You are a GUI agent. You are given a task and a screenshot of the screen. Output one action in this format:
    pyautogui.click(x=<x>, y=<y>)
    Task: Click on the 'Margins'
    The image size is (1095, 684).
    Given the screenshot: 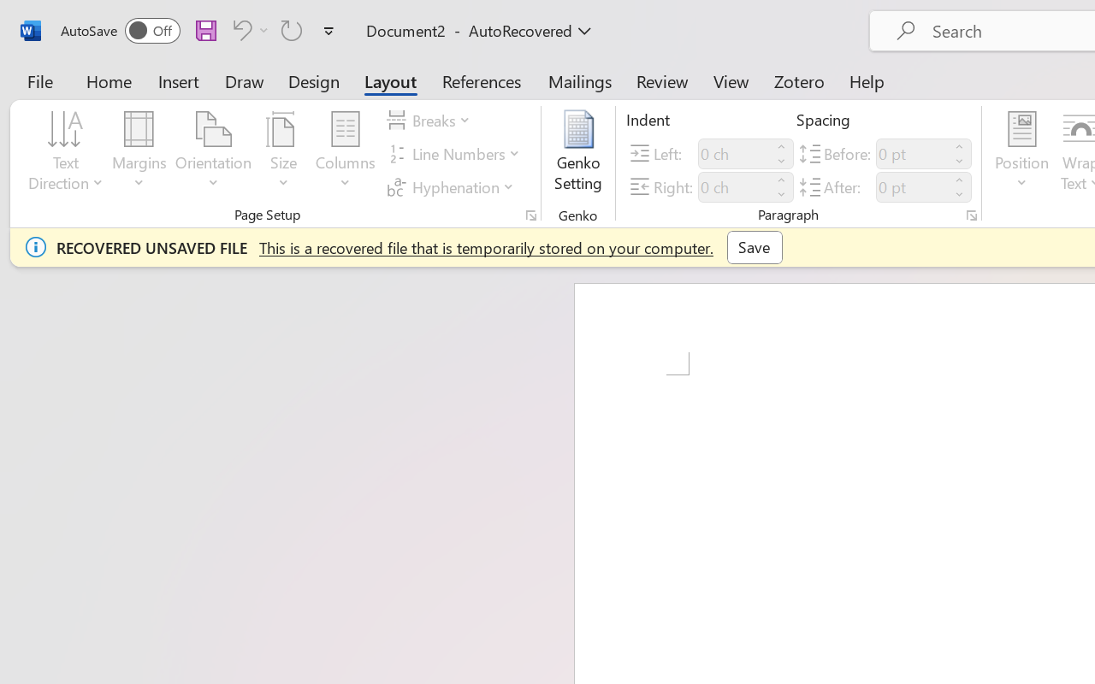 What is the action you would take?
    pyautogui.click(x=139, y=153)
    